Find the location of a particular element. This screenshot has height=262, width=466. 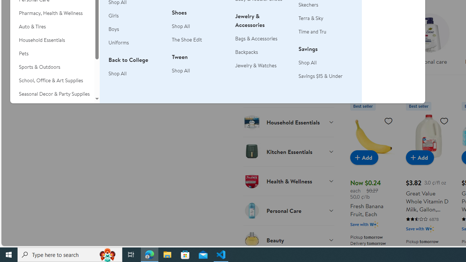

'Back to CollegeShop All' is located at coordinates (136, 71).